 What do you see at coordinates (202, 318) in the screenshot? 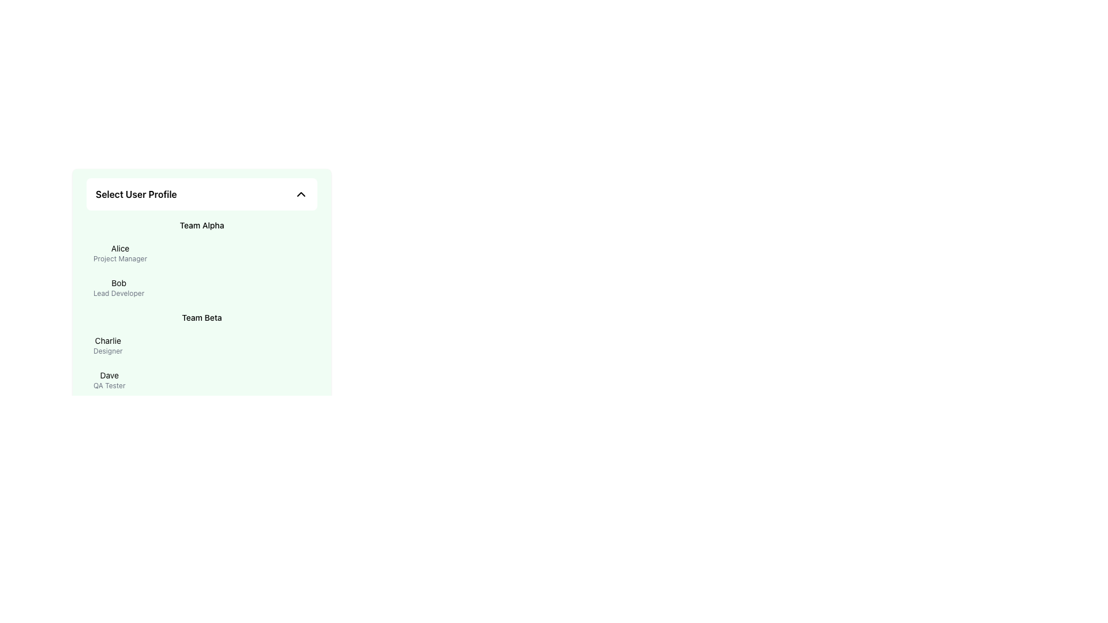
I see `the text label displaying 'Team Beta' in bold black font on a light green background, positioned centrally beneath 'Team Alpha'` at bounding box center [202, 318].